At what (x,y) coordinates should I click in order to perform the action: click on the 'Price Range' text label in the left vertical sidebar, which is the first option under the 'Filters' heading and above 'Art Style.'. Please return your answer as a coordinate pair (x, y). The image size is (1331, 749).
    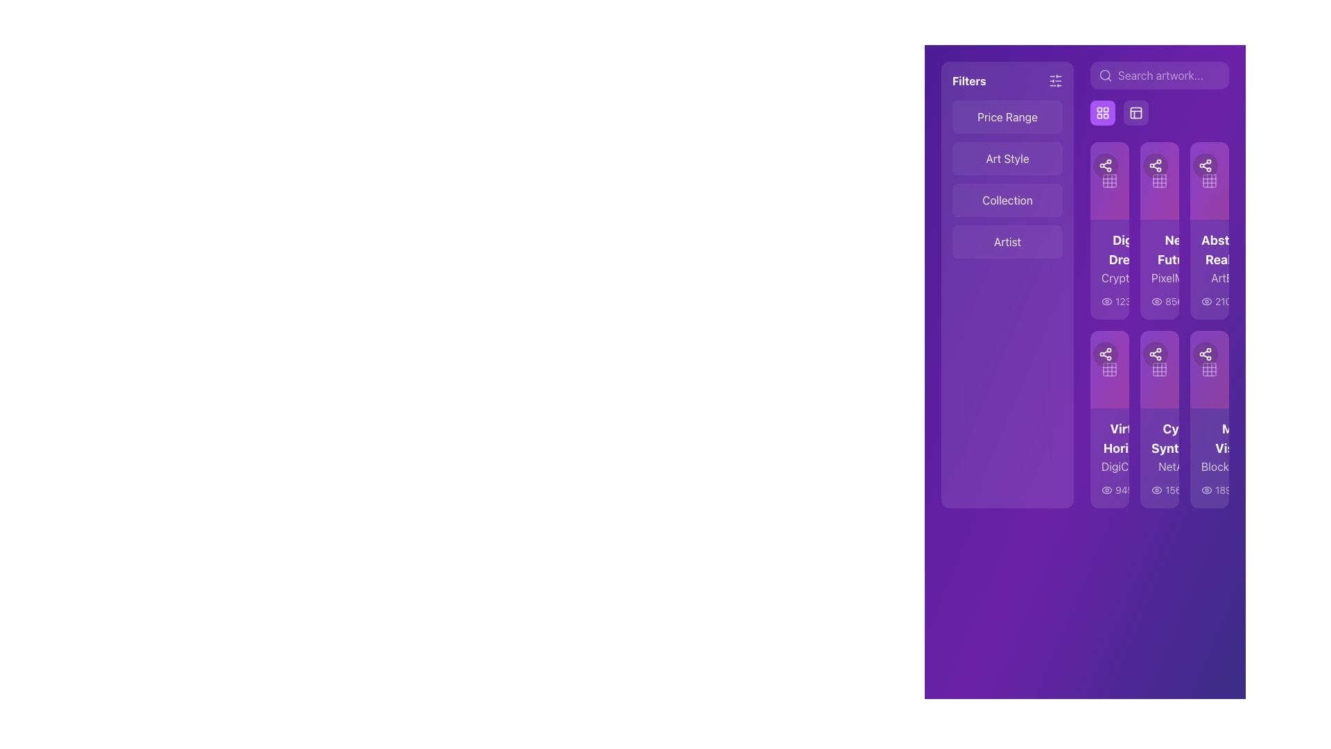
    Looking at the image, I should click on (1007, 117).